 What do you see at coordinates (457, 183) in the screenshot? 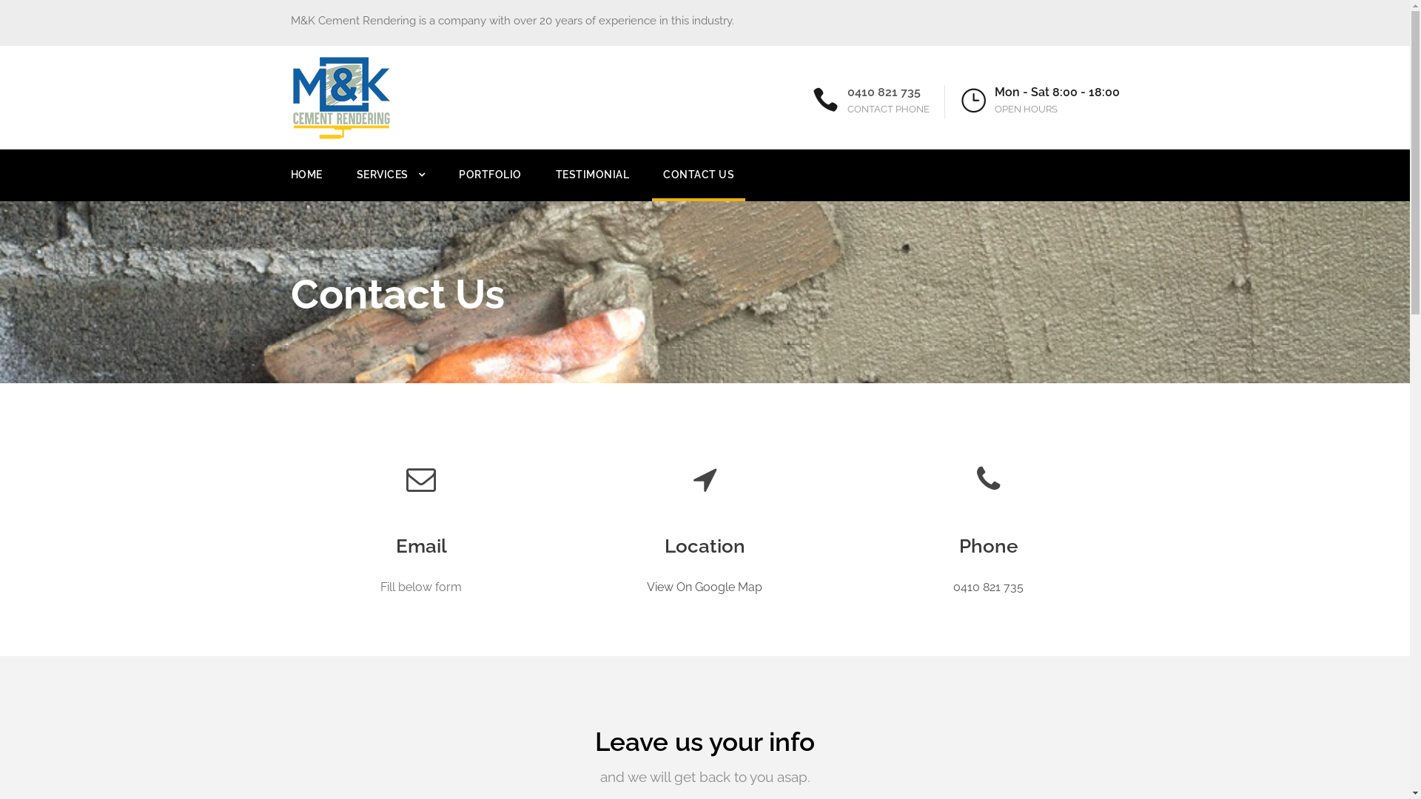
I see `'PORTFOLIO'` at bounding box center [457, 183].